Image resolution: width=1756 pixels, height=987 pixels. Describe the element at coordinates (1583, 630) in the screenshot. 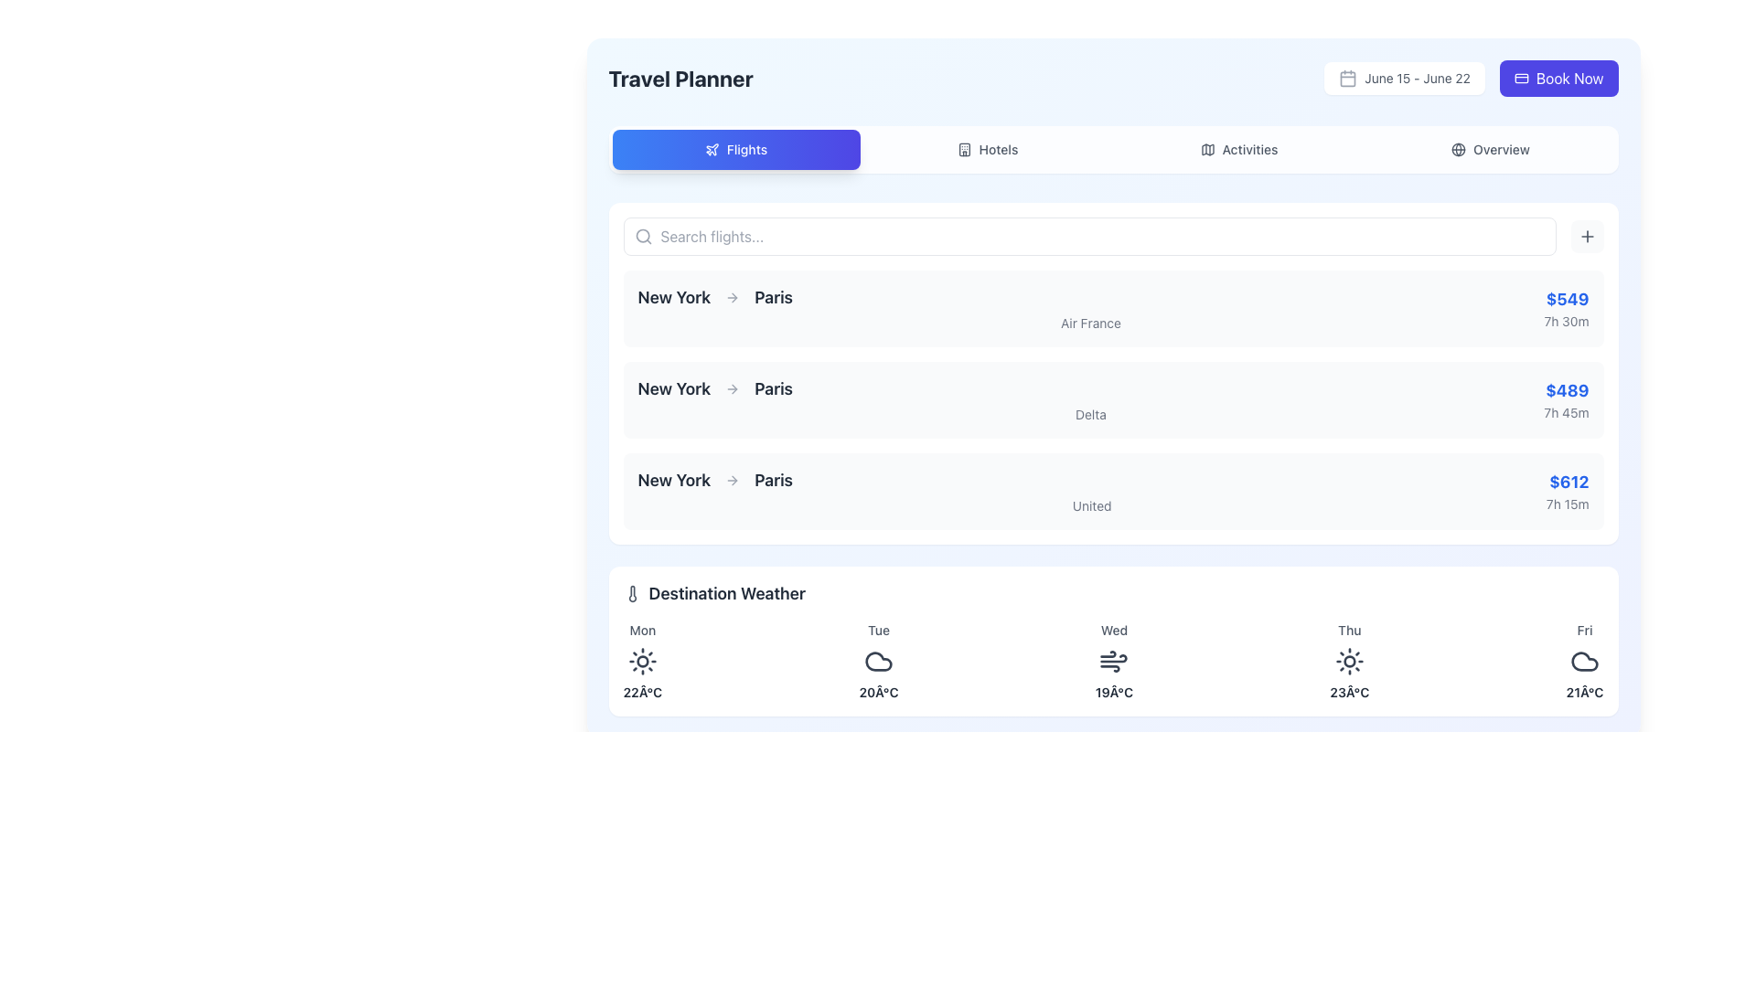

I see `text label representing the abbreviated weekday name 'Friday' in the weather forecast to understand the conveyed day` at that location.